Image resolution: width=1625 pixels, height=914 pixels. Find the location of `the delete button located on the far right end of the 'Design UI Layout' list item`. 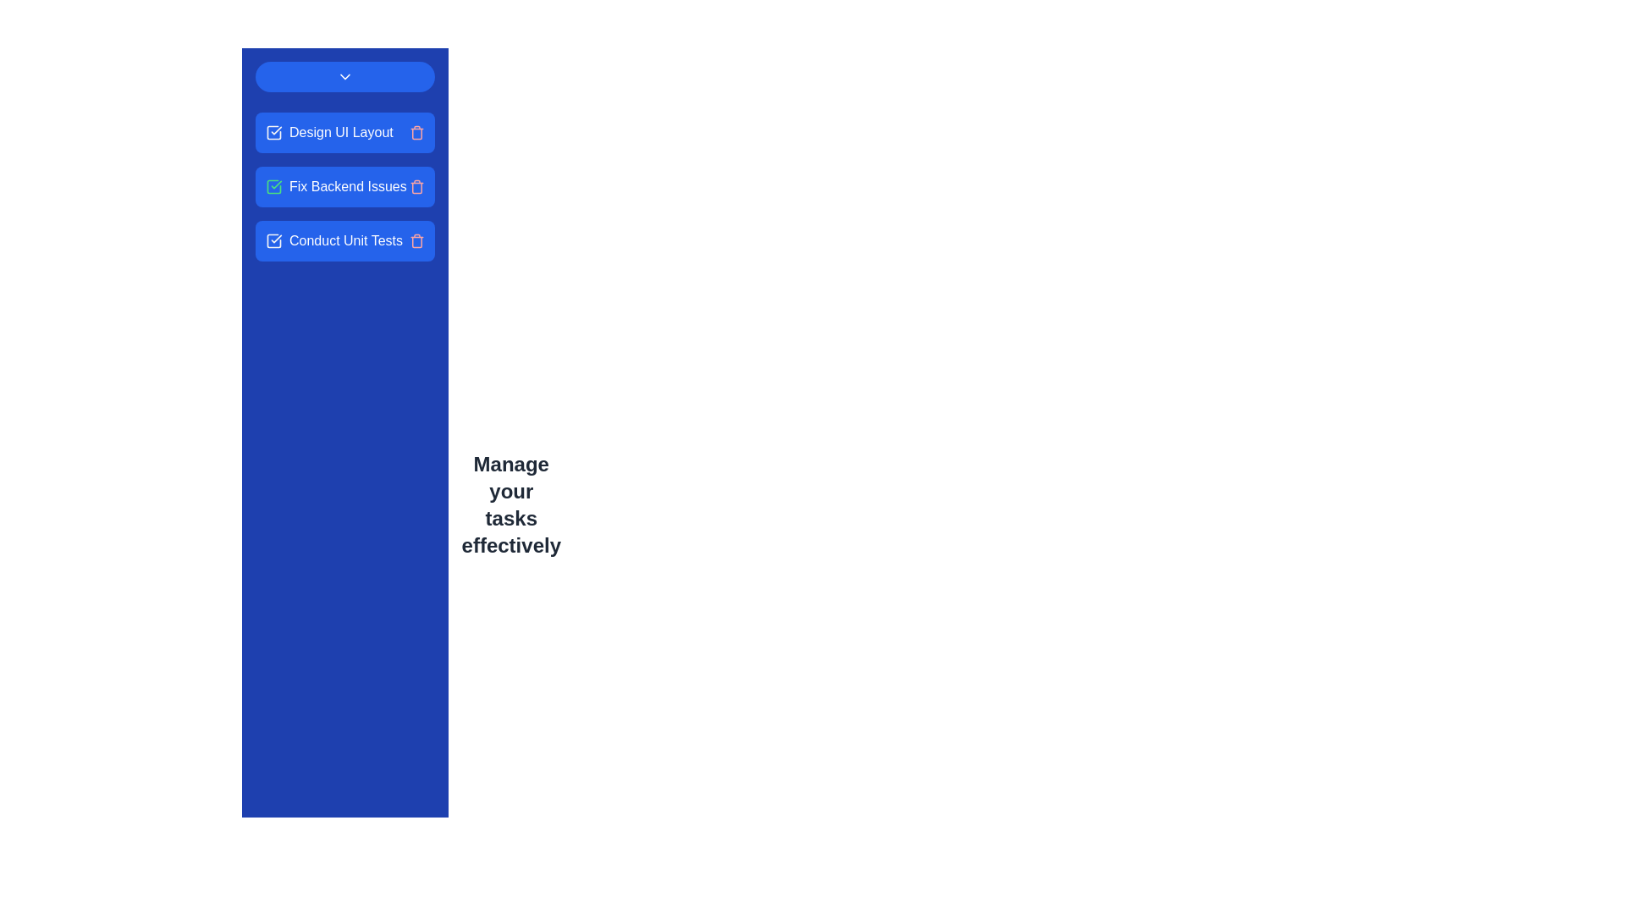

the delete button located on the far right end of the 'Design UI Layout' list item is located at coordinates (416, 132).